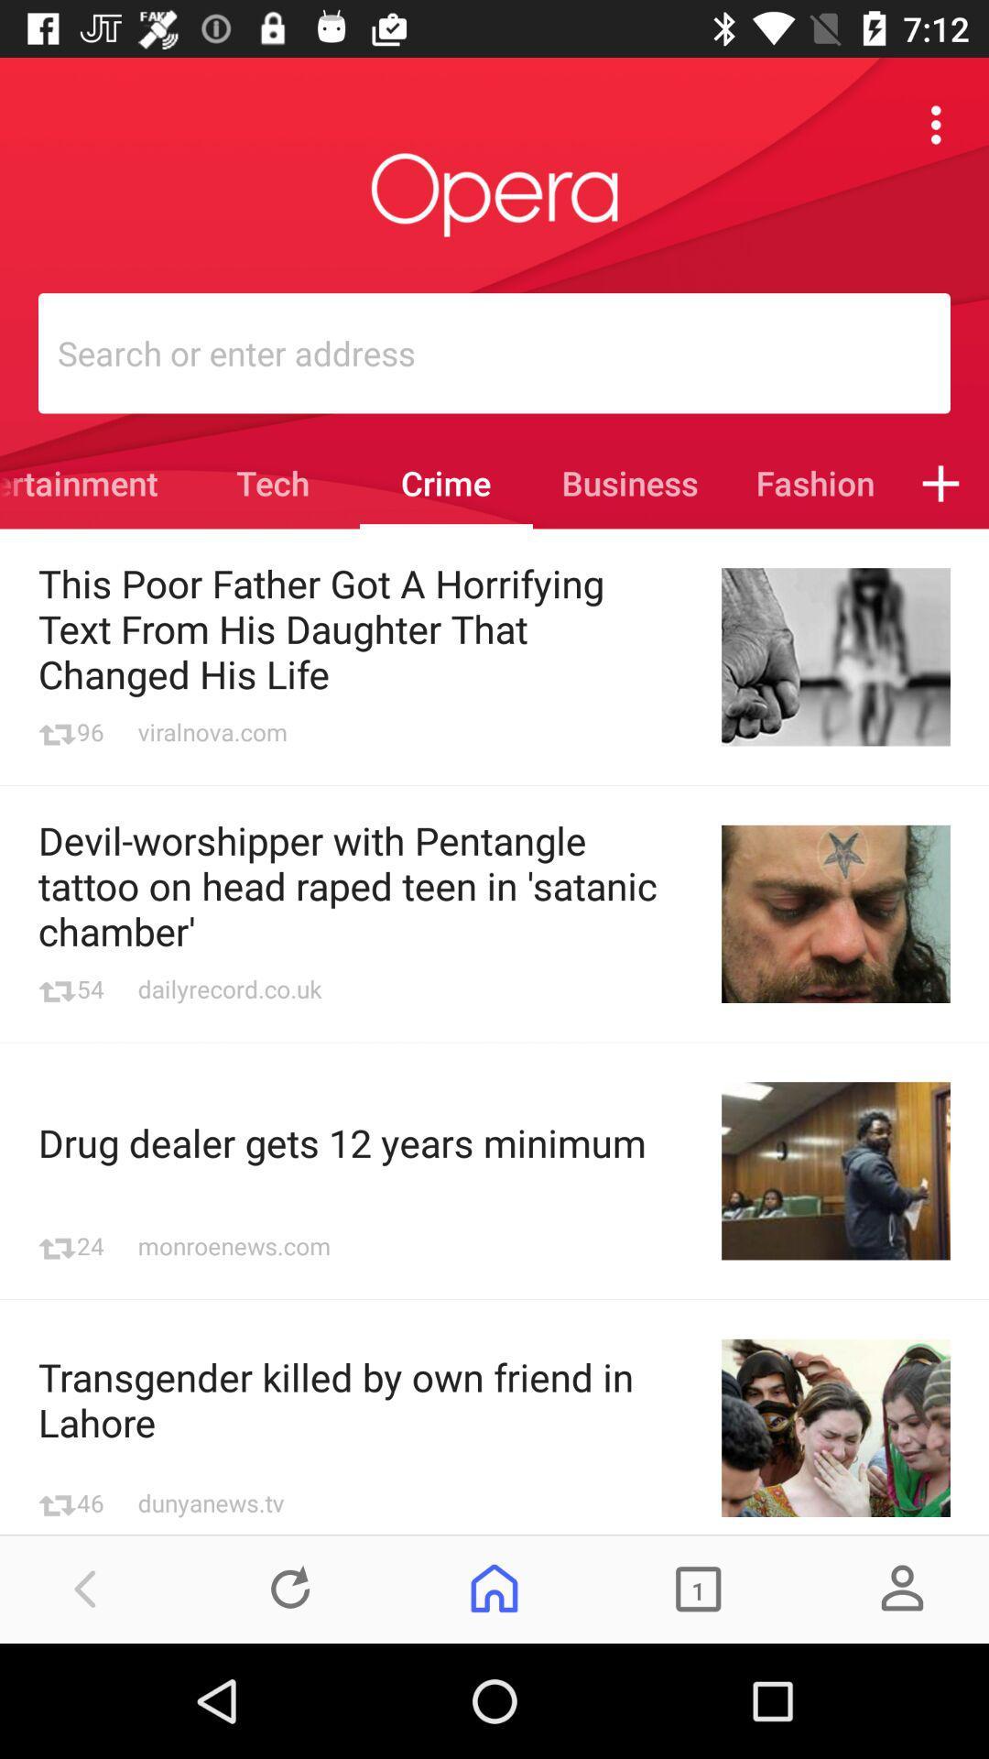 This screenshot has height=1759, width=989. Describe the element at coordinates (940, 483) in the screenshot. I see `the add icon` at that location.